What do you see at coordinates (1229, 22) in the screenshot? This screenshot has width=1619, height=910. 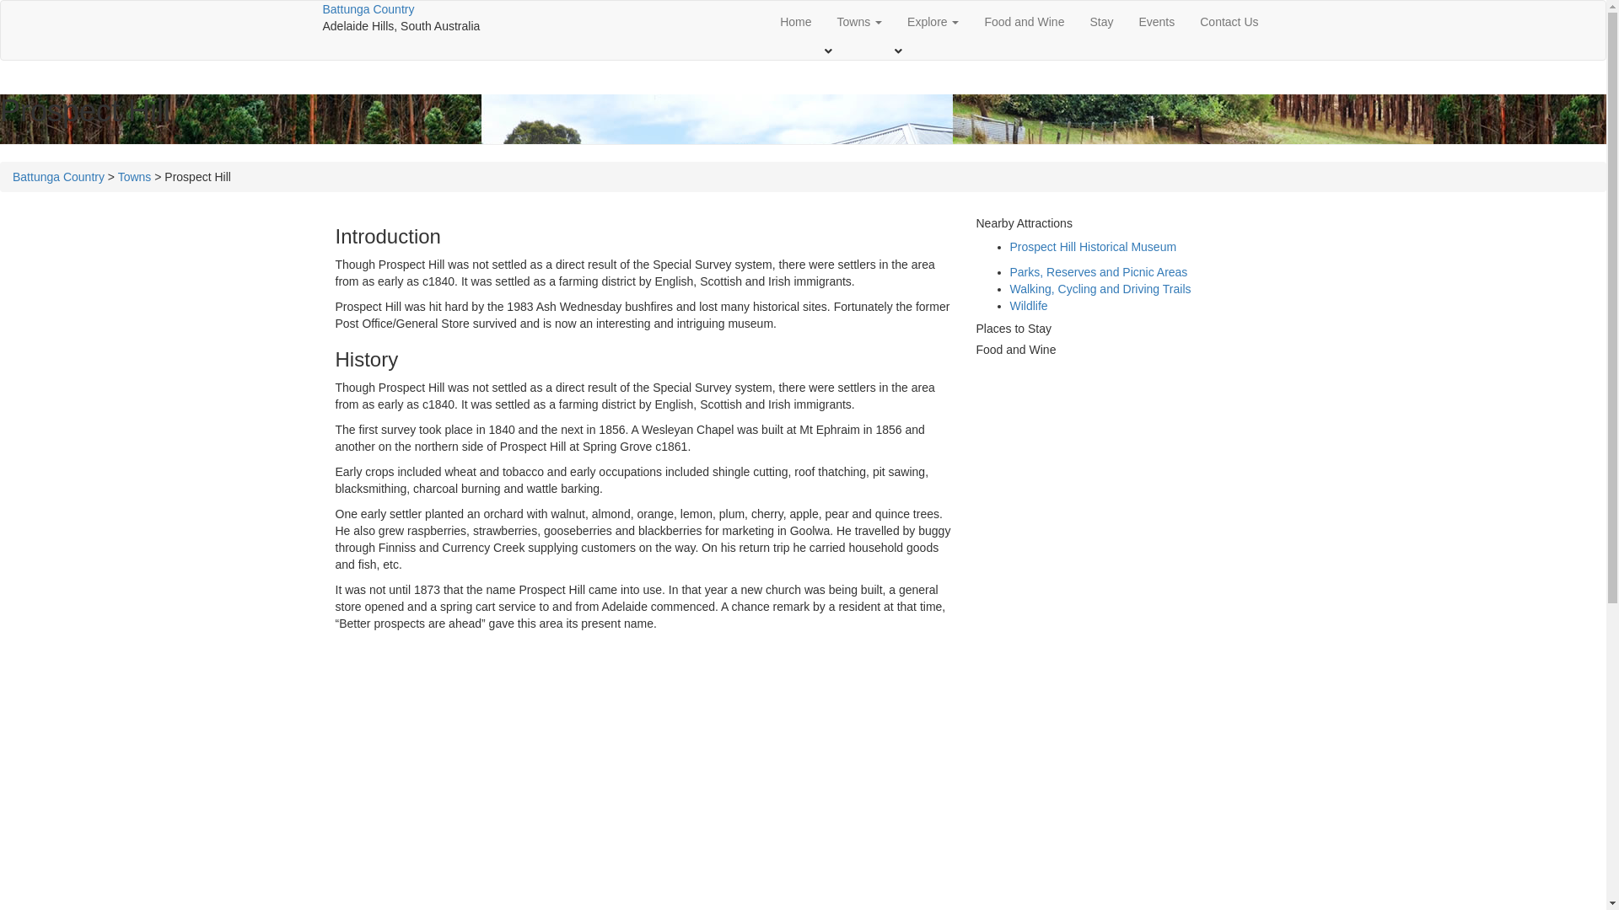 I see `'Contact Us'` at bounding box center [1229, 22].